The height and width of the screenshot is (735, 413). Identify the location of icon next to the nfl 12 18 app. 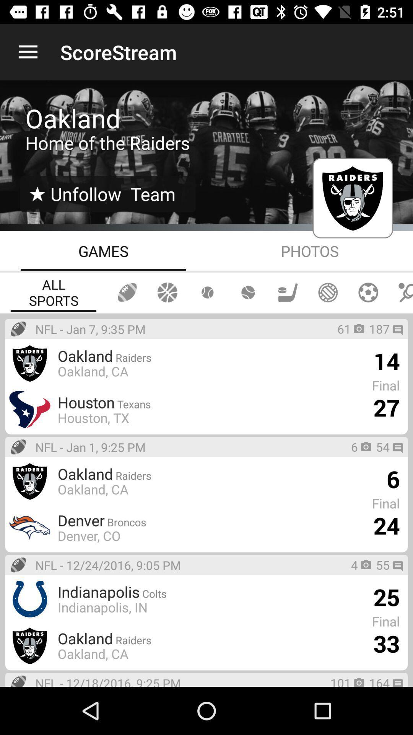
(340, 681).